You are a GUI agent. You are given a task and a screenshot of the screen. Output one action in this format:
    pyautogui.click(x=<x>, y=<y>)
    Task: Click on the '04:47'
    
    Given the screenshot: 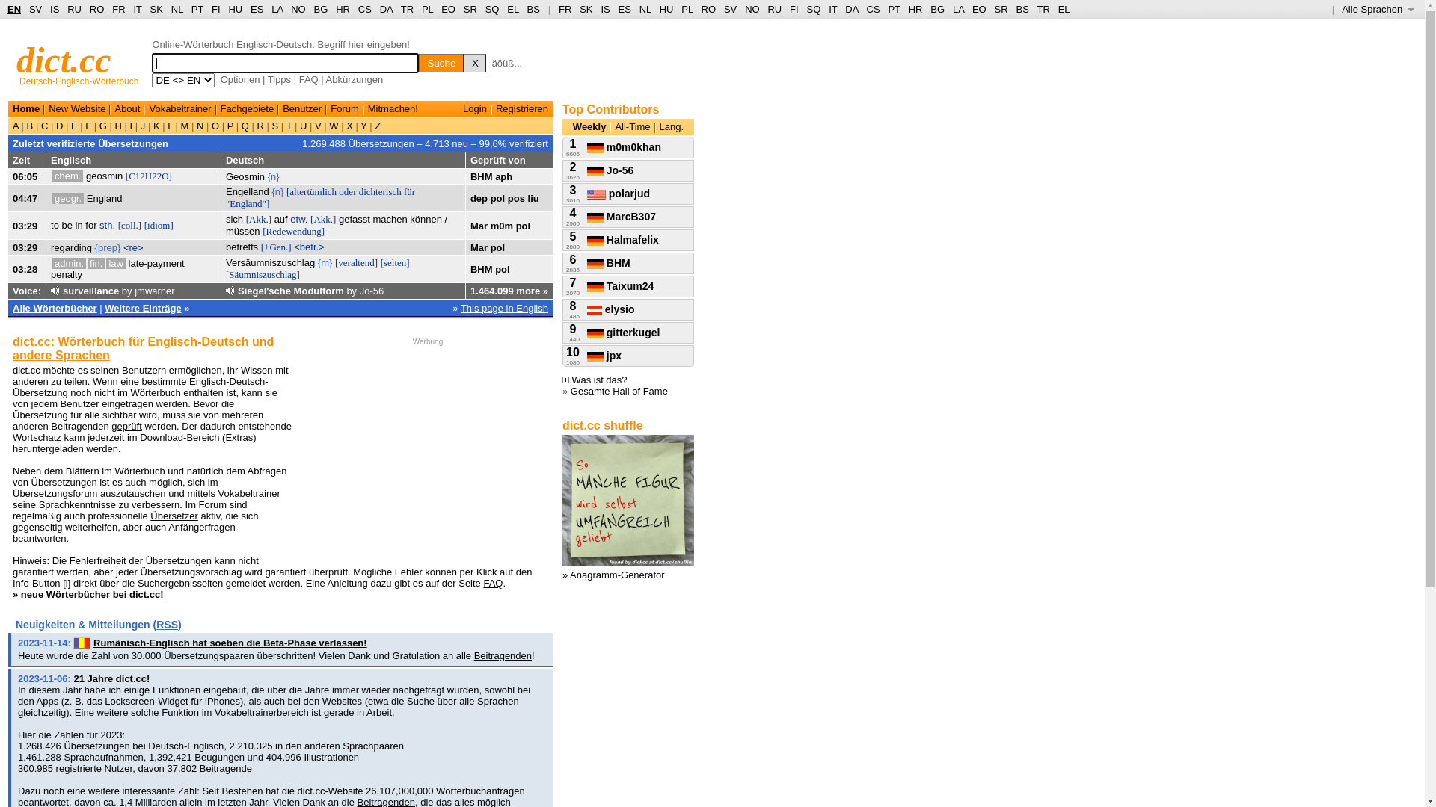 What is the action you would take?
    pyautogui.click(x=25, y=197)
    